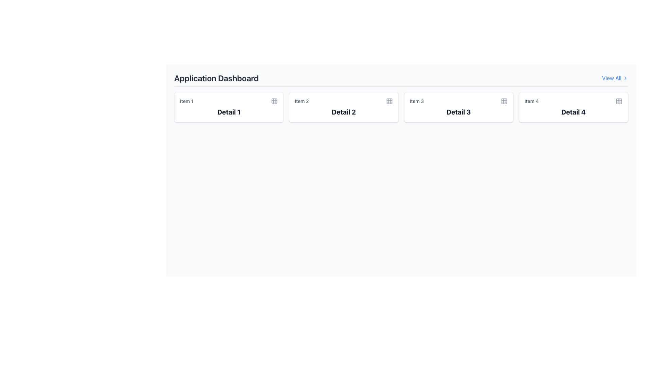 This screenshot has width=652, height=367. What do you see at coordinates (389, 101) in the screenshot?
I see `the gray 3x3 grid icon located to the right of the text 'Item 2' in the top-right portion of the card layout` at bounding box center [389, 101].